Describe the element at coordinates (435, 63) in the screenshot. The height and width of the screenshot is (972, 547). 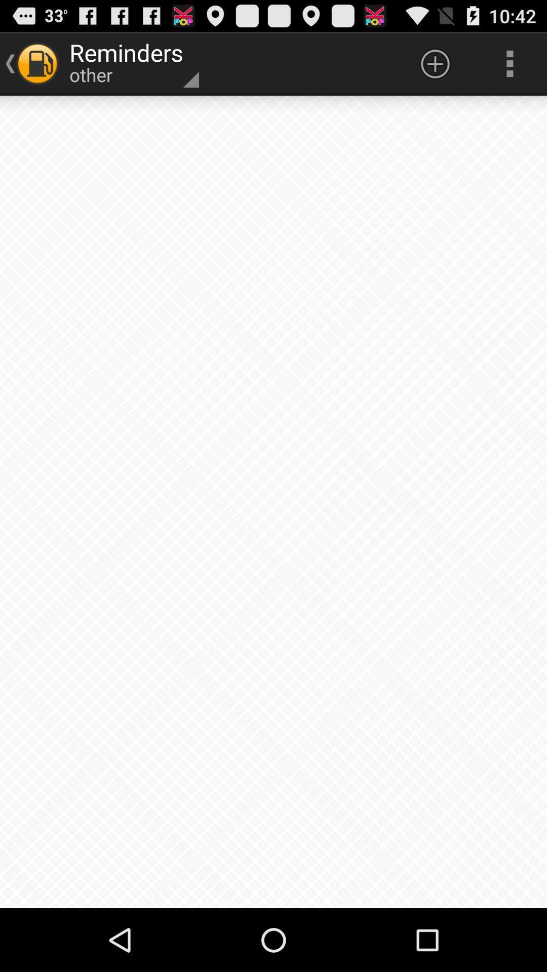
I see `icon next to the reminders` at that location.